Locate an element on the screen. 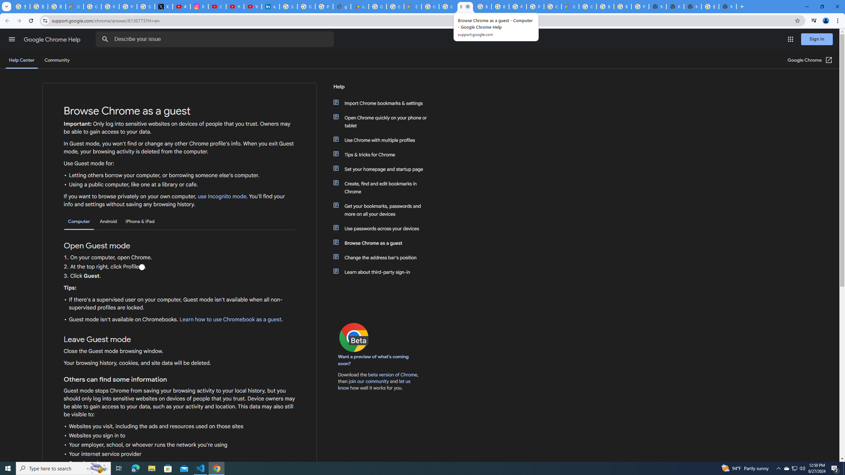 The width and height of the screenshot is (845, 475). 'Chrome Beta logo' is located at coordinates (354, 337).